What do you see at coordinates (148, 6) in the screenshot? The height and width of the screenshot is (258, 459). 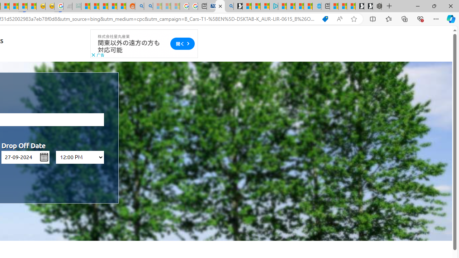 I see `'Utah sues federal government - Search'` at bounding box center [148, 6].